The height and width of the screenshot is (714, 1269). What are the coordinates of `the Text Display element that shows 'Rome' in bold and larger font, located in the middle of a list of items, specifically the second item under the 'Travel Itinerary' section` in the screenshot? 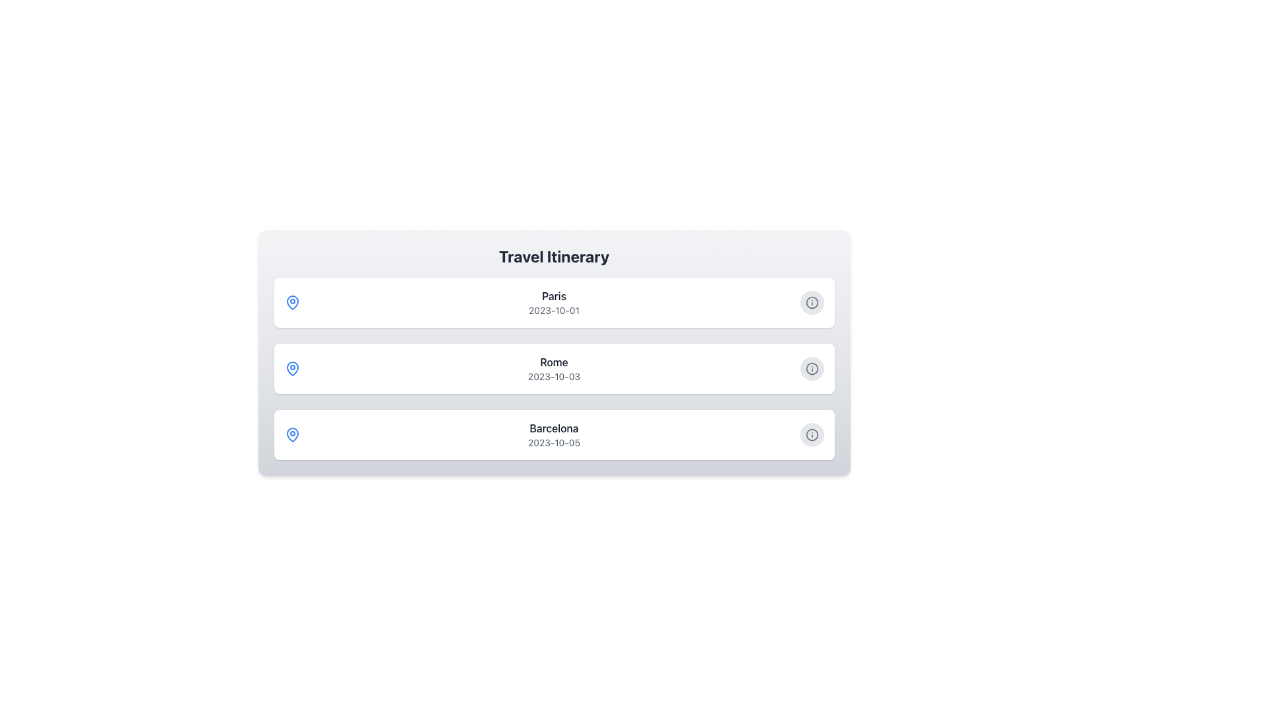 It's located at (554, 369).